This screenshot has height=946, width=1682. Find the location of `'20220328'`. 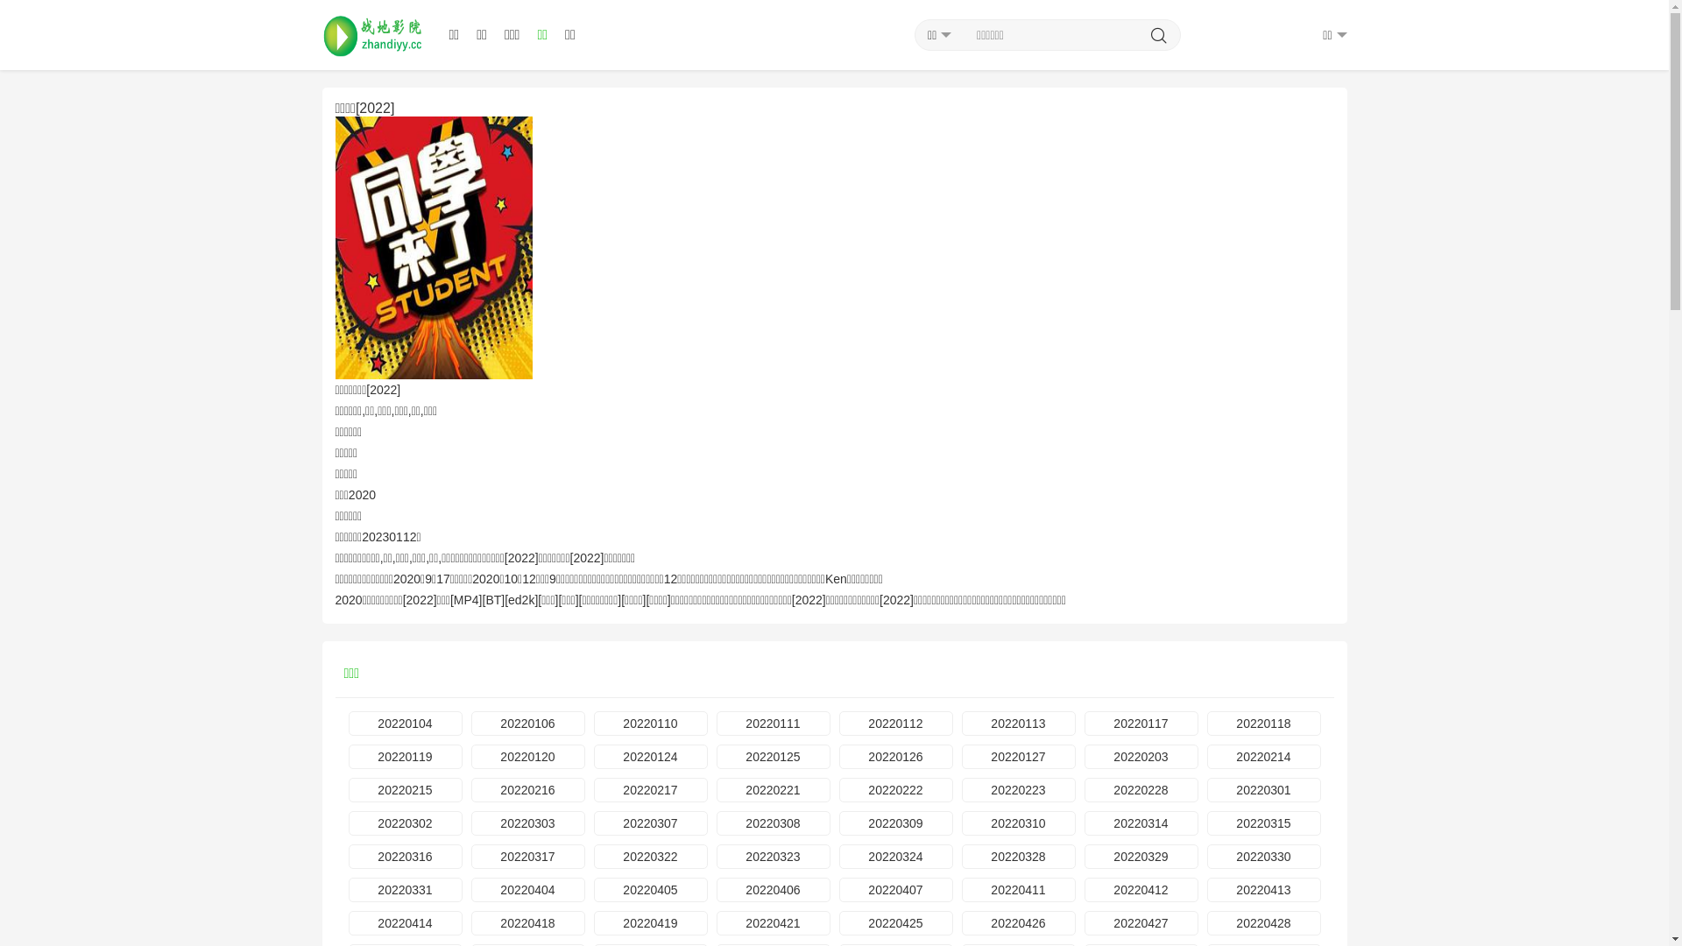

'20220328' is located at coordinates (1018, 856).